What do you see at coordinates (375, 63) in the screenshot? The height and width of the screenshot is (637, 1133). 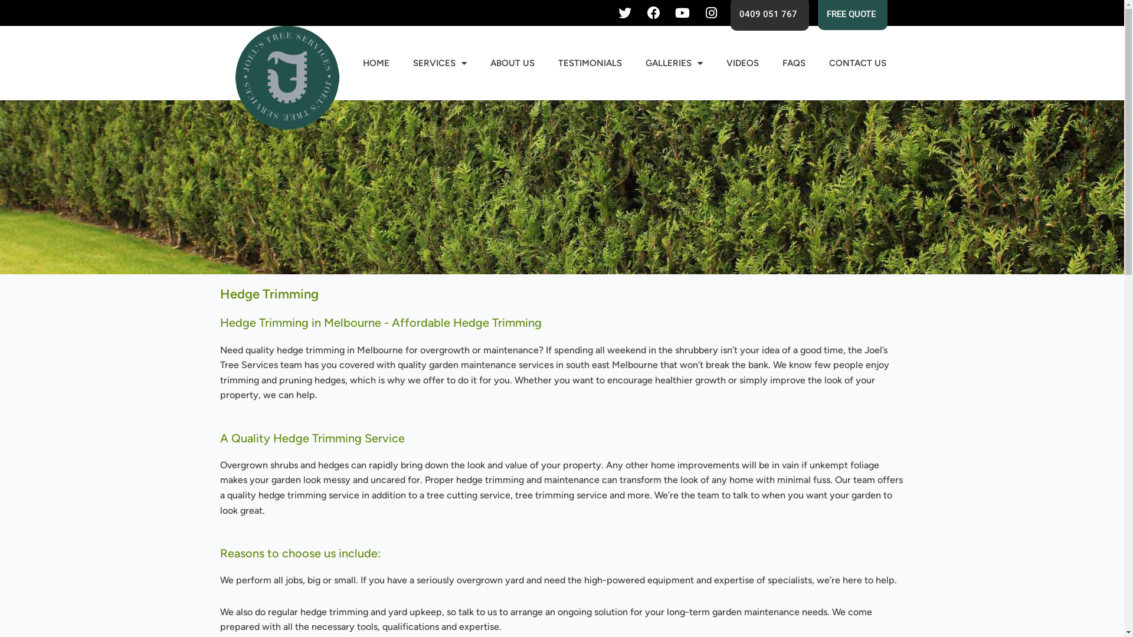 I see `'HOME'` at bounding box center [375, 63].